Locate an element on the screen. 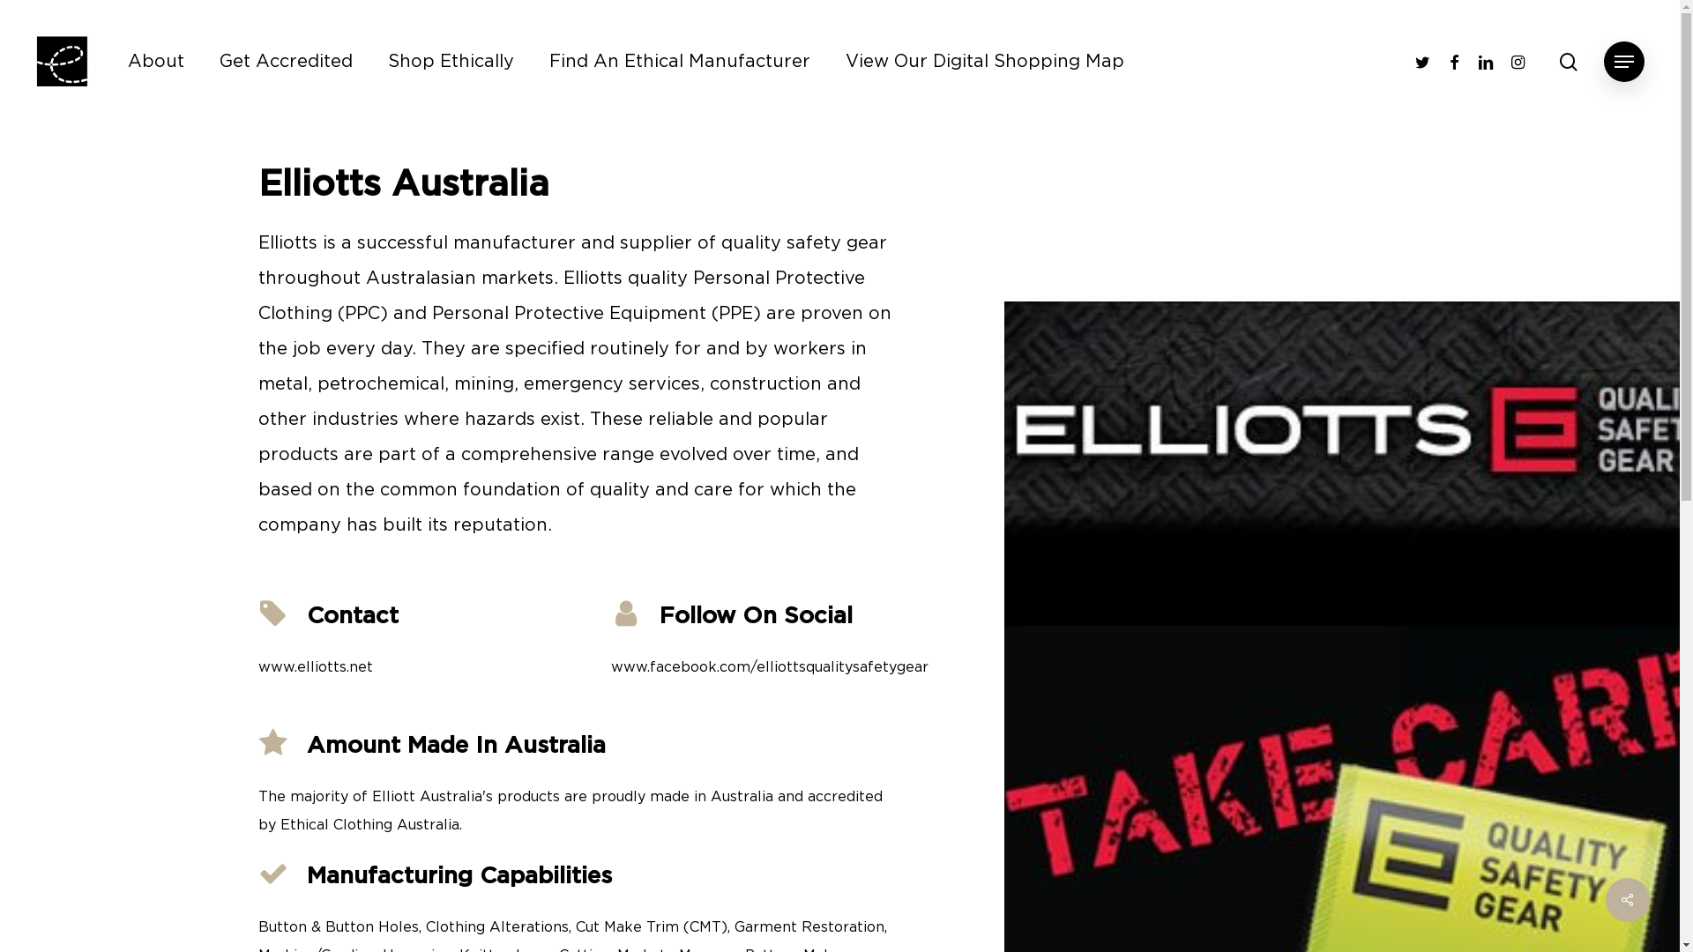  'Get Accredited' is located at coordinates (286, 60).